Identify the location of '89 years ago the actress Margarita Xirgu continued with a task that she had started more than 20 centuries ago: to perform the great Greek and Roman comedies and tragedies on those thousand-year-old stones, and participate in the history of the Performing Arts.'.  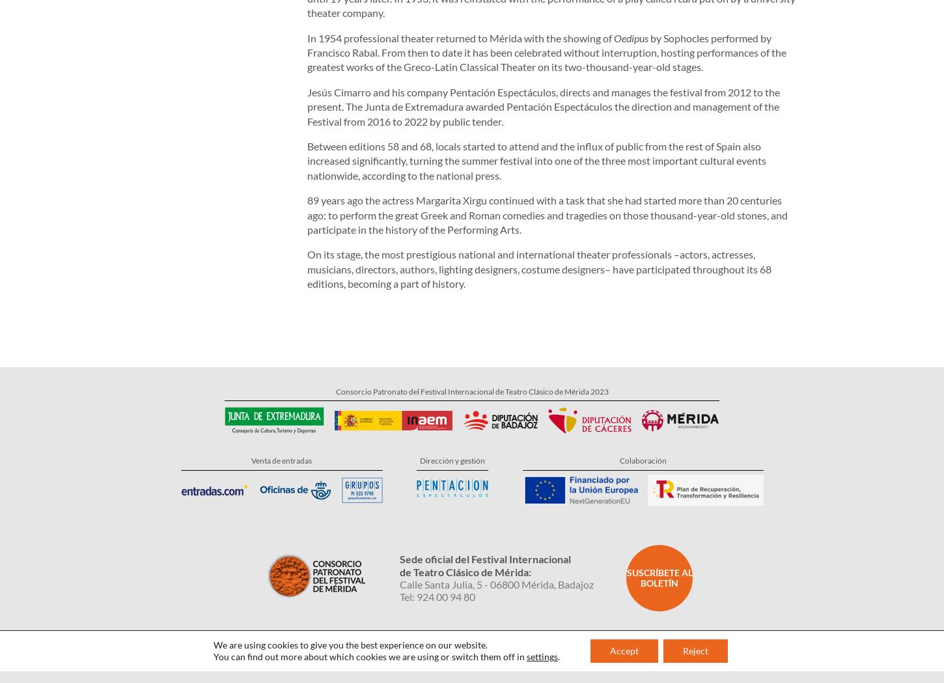
(547, 161).